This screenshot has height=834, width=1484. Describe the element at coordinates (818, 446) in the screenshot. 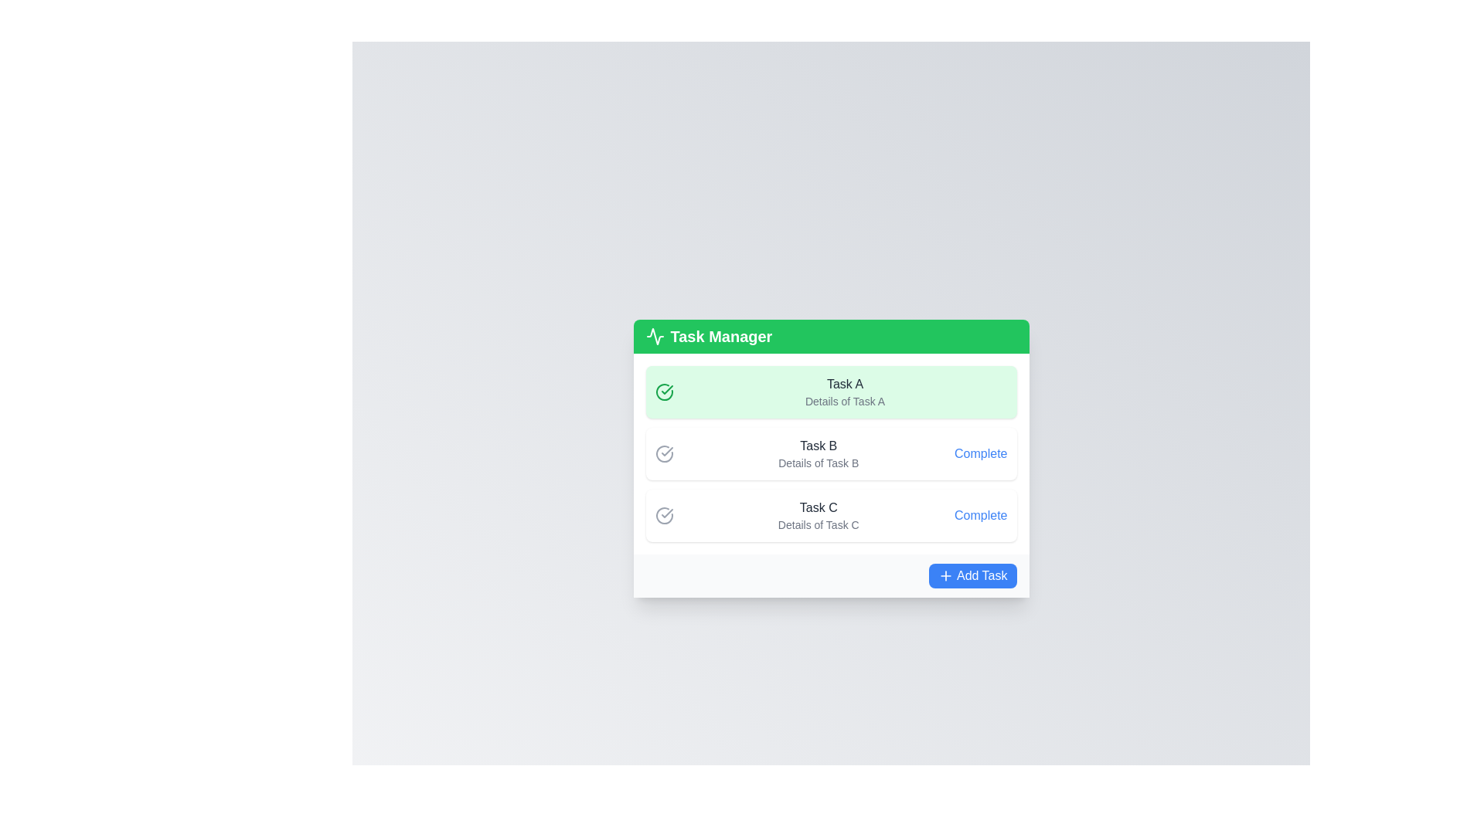

I see `the text label that identifies the task in the second task entry of the Task Manager interface` at that location.